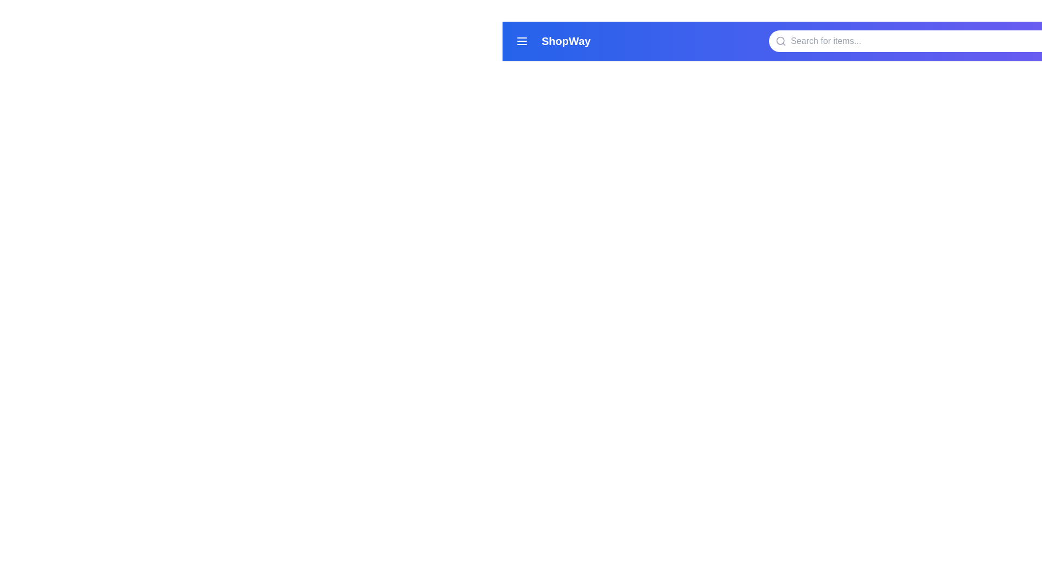 The width and height of the screenshot is (1042, 586). Describe the element at coordinates (522, 41) in the screenshot. I see `the navigation menu button to open the navigation menu` at that location.